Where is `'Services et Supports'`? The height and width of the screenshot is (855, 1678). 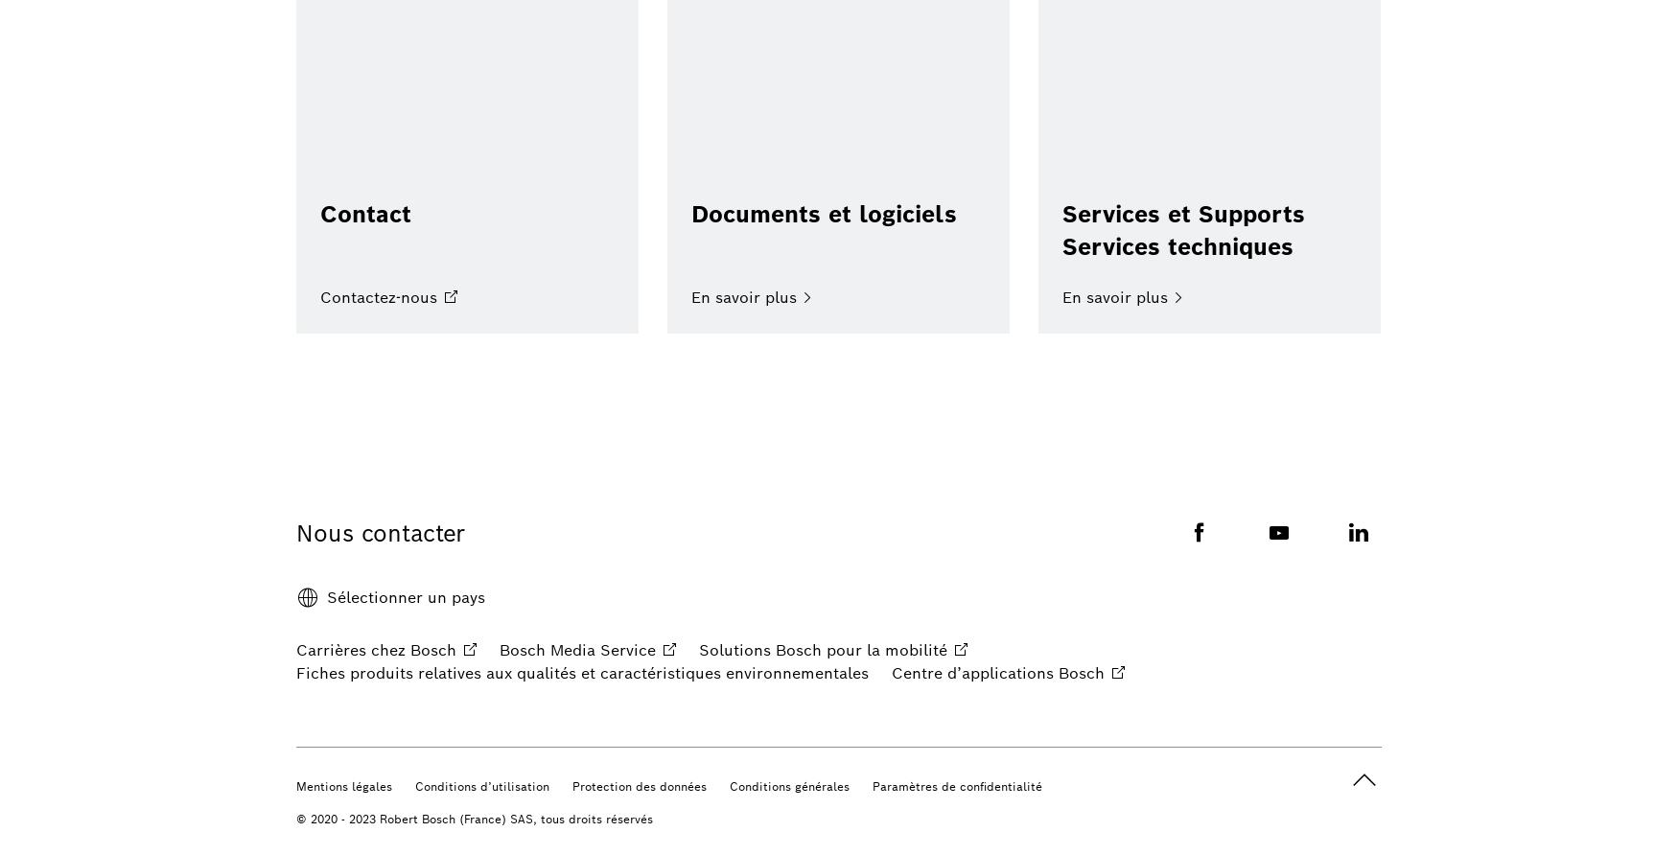
'Services et Supports' is located at coordinates (1182, 214).